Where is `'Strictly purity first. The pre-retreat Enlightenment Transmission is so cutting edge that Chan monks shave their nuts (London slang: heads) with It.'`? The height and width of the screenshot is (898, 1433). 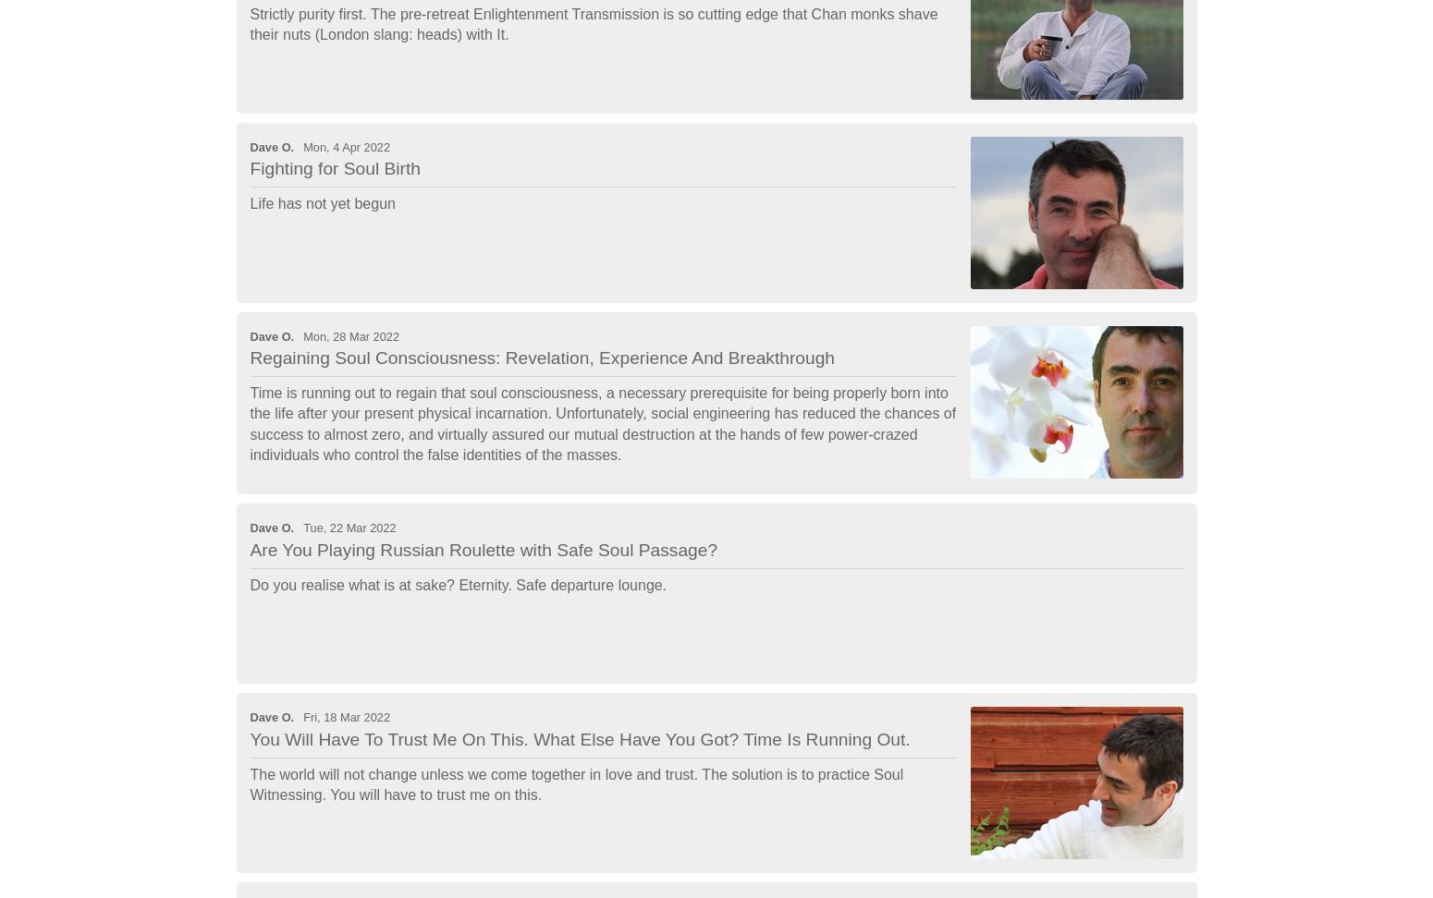
'Strictly purity first. The pre-retreat Enlightenment Transmission is so cutting edge that Chan monks shave their nuts (London slang: heads) with It.' is located at coordinates (250, 23).